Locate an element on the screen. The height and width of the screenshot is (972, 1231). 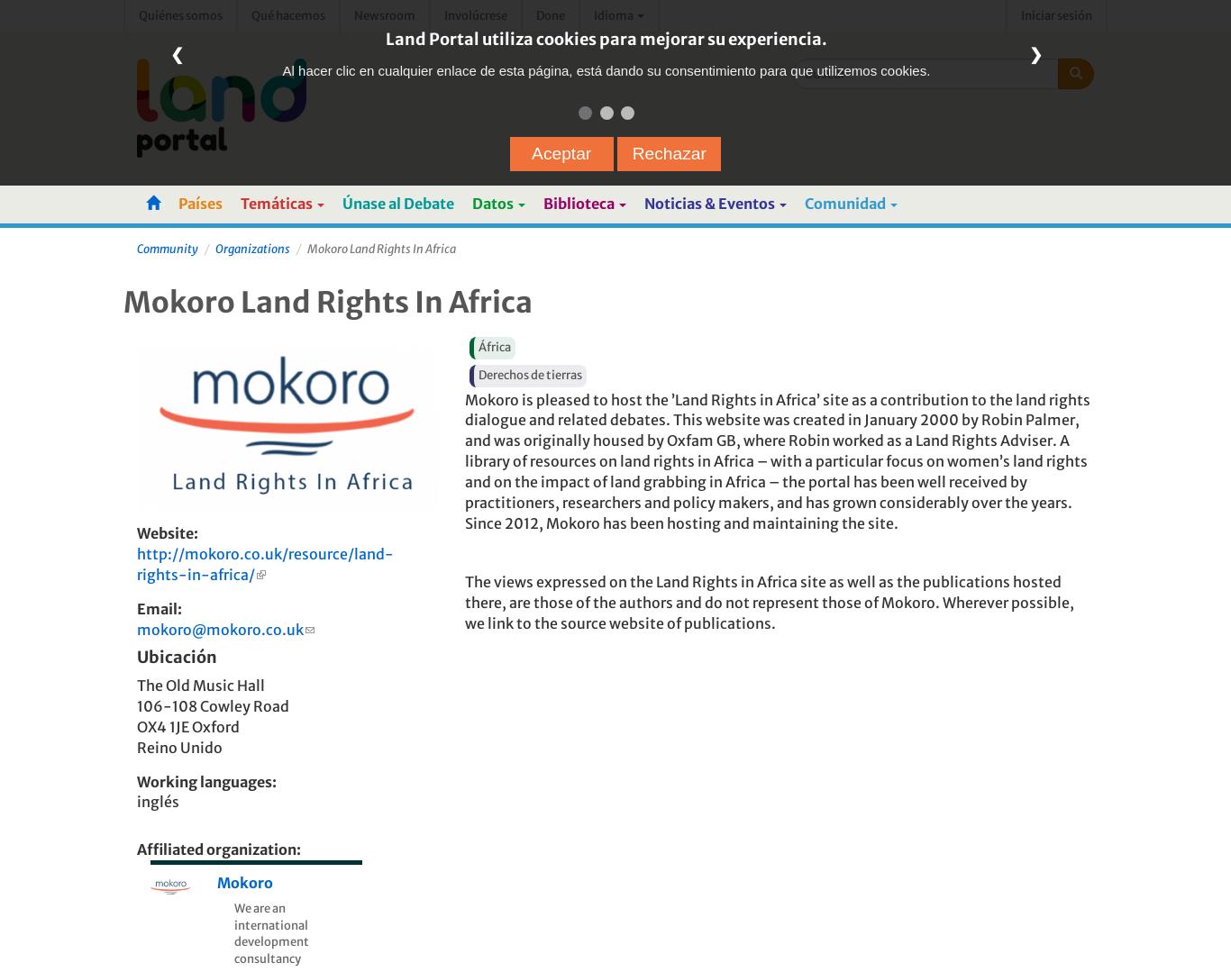
'http://mokoro.co.uk/resource/land-rights-in-africa/' is located at coordinates (264, 563).